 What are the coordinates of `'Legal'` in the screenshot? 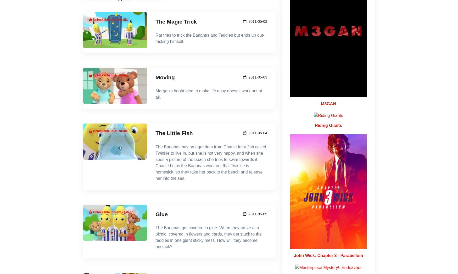 It's located at (331, 148).